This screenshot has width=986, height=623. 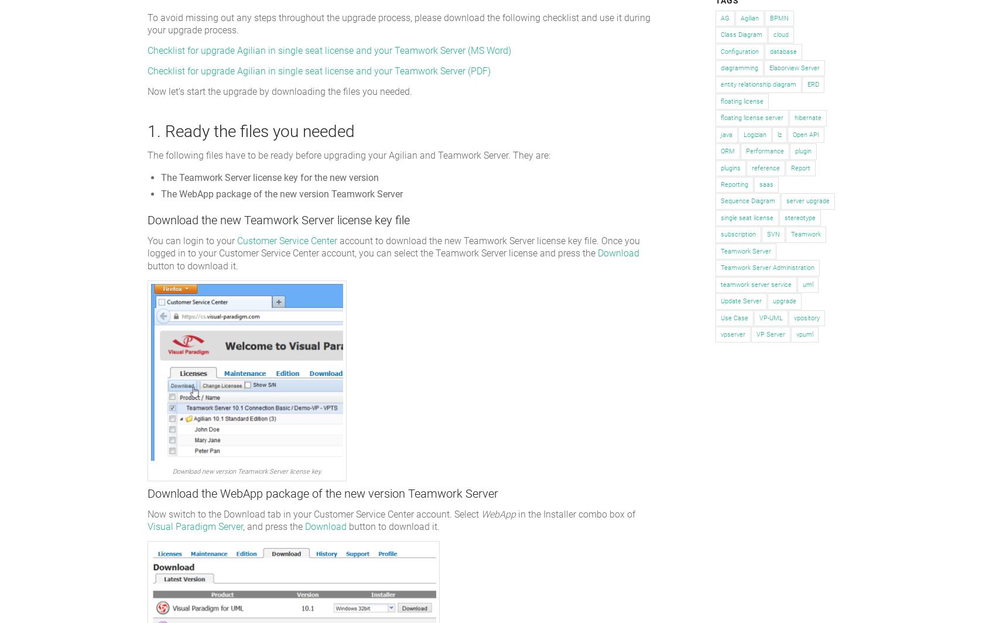 What do you see at coordinates (147, 526) in the screenshot?
I see `'Visual Paradigm Server'` at bounding box center [147, 526].